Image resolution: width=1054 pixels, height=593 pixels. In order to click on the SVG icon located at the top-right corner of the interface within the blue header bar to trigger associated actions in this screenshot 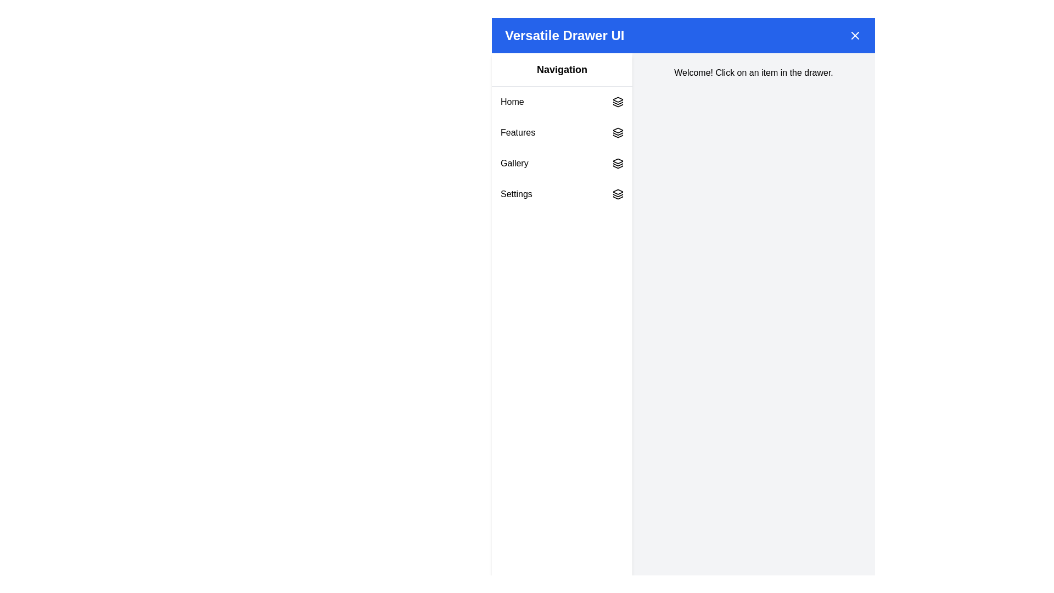, I will do `click(855, 35)`.